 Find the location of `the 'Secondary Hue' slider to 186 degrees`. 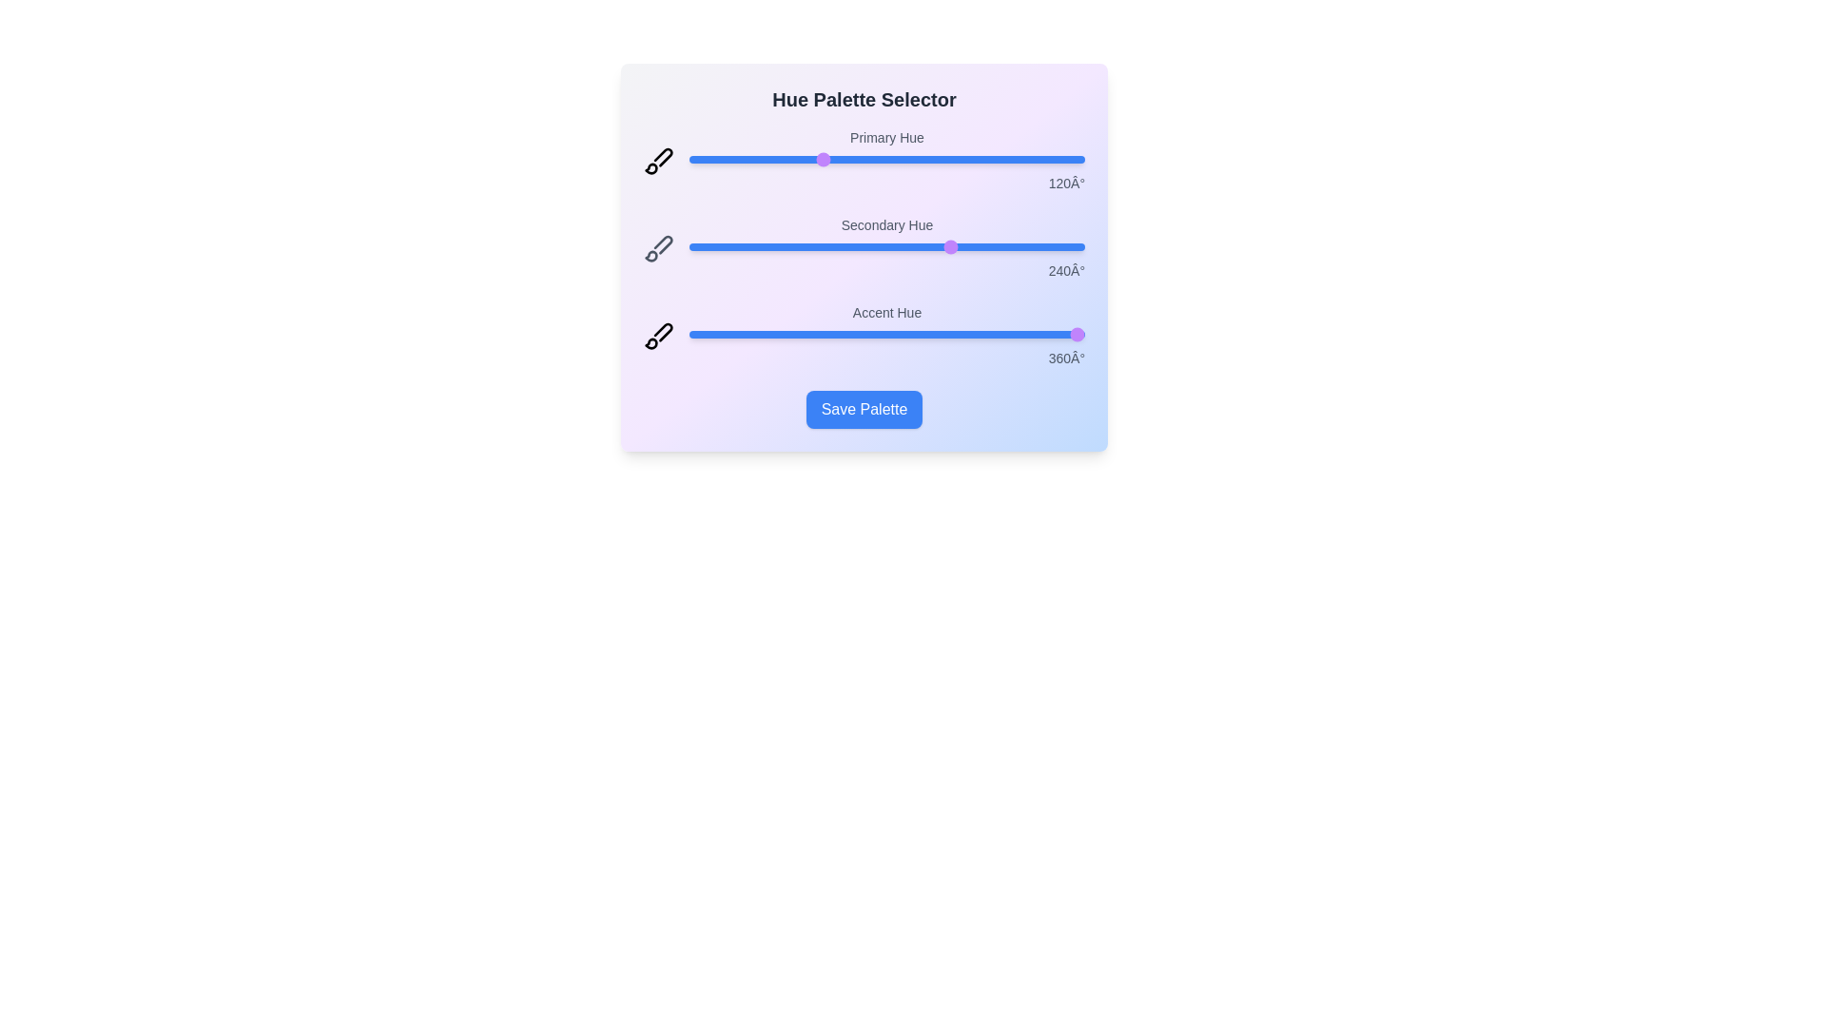

the 'Secondary Hue' slider to 186 degrees is located at coordinates (892, 245).